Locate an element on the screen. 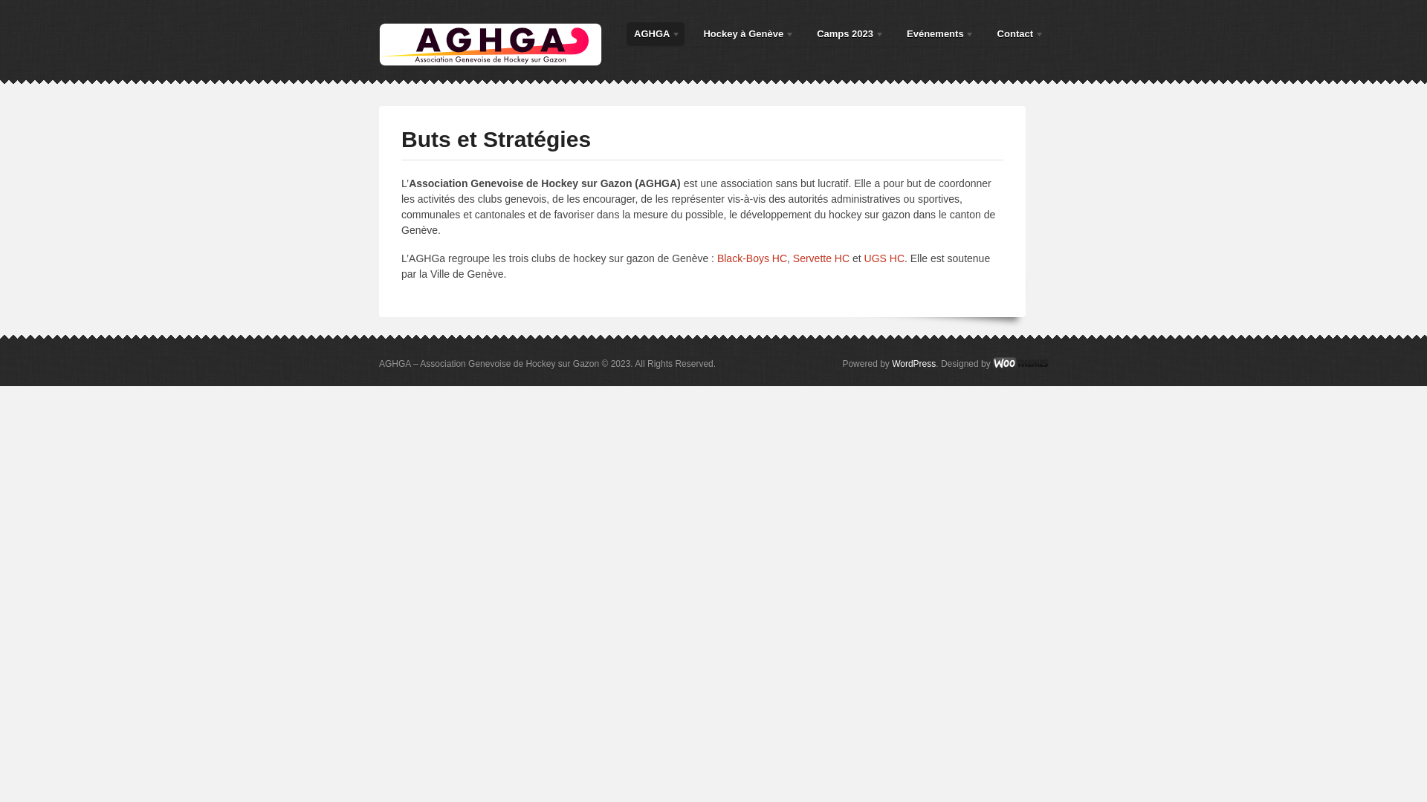  'Black-Boys HC' is located at coordinates (752, 257).